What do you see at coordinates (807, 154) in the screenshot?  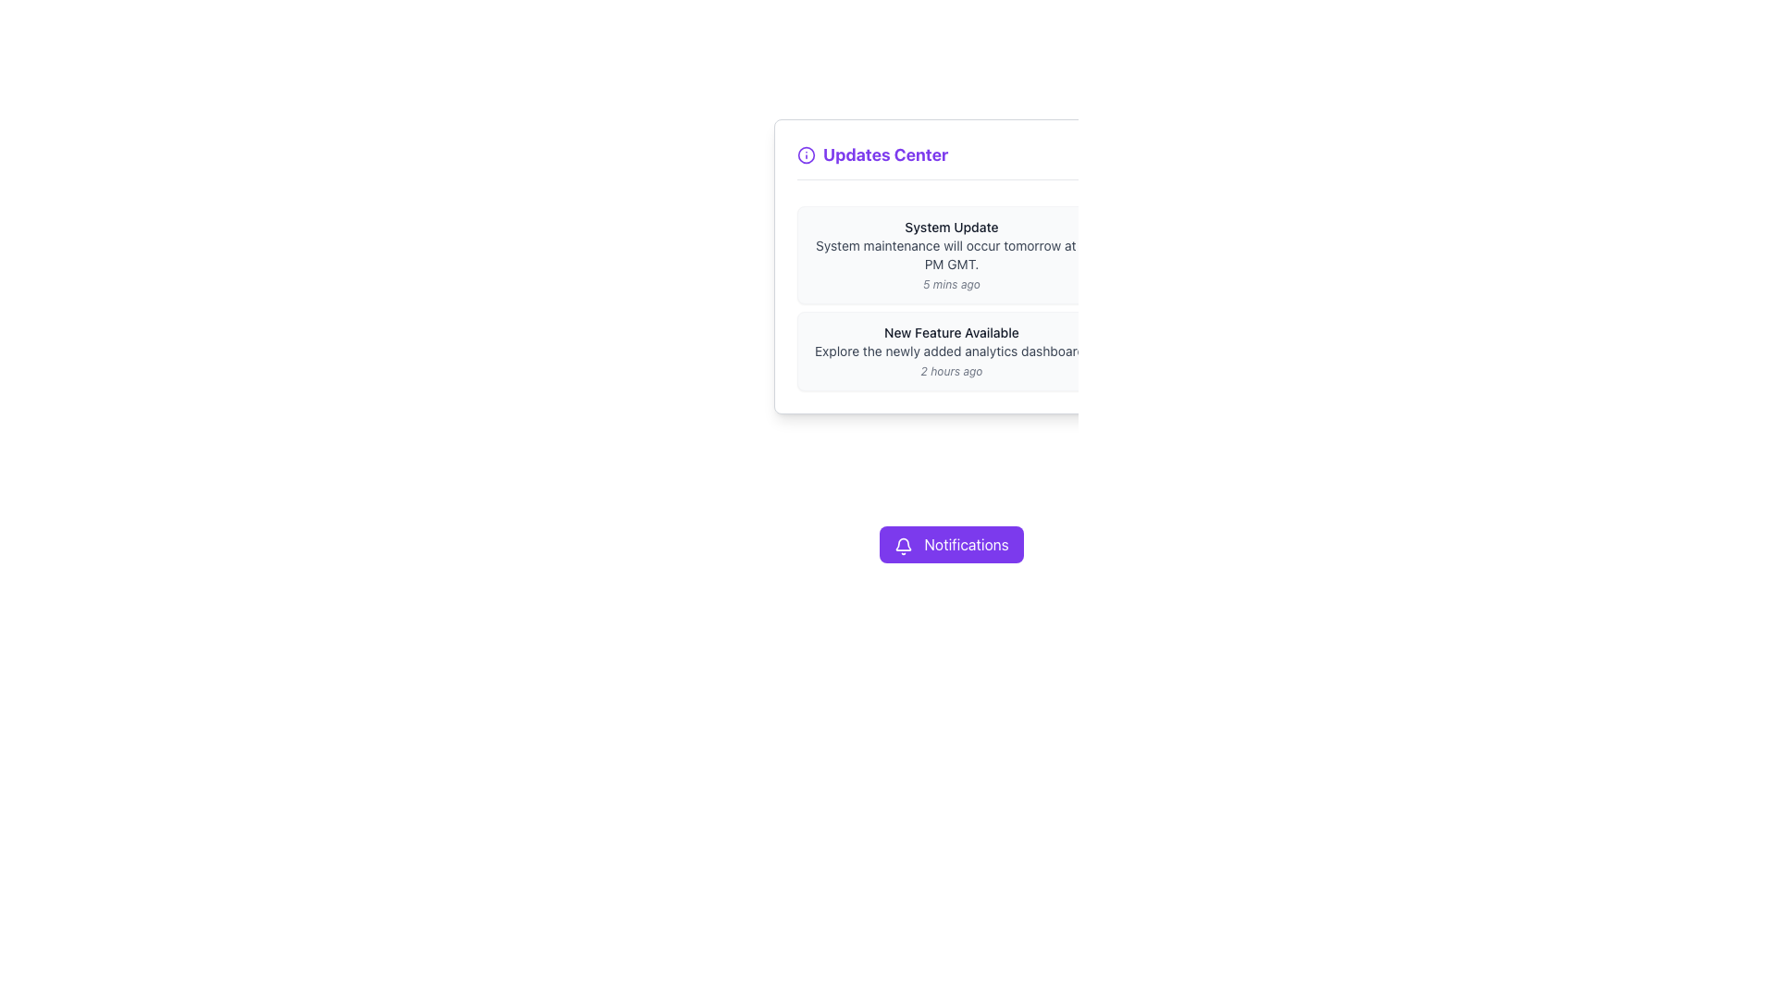 I see `the central circle of the information icon located in the top-left corner of the 'Updates Center' section` at bounding box center [807, 154].